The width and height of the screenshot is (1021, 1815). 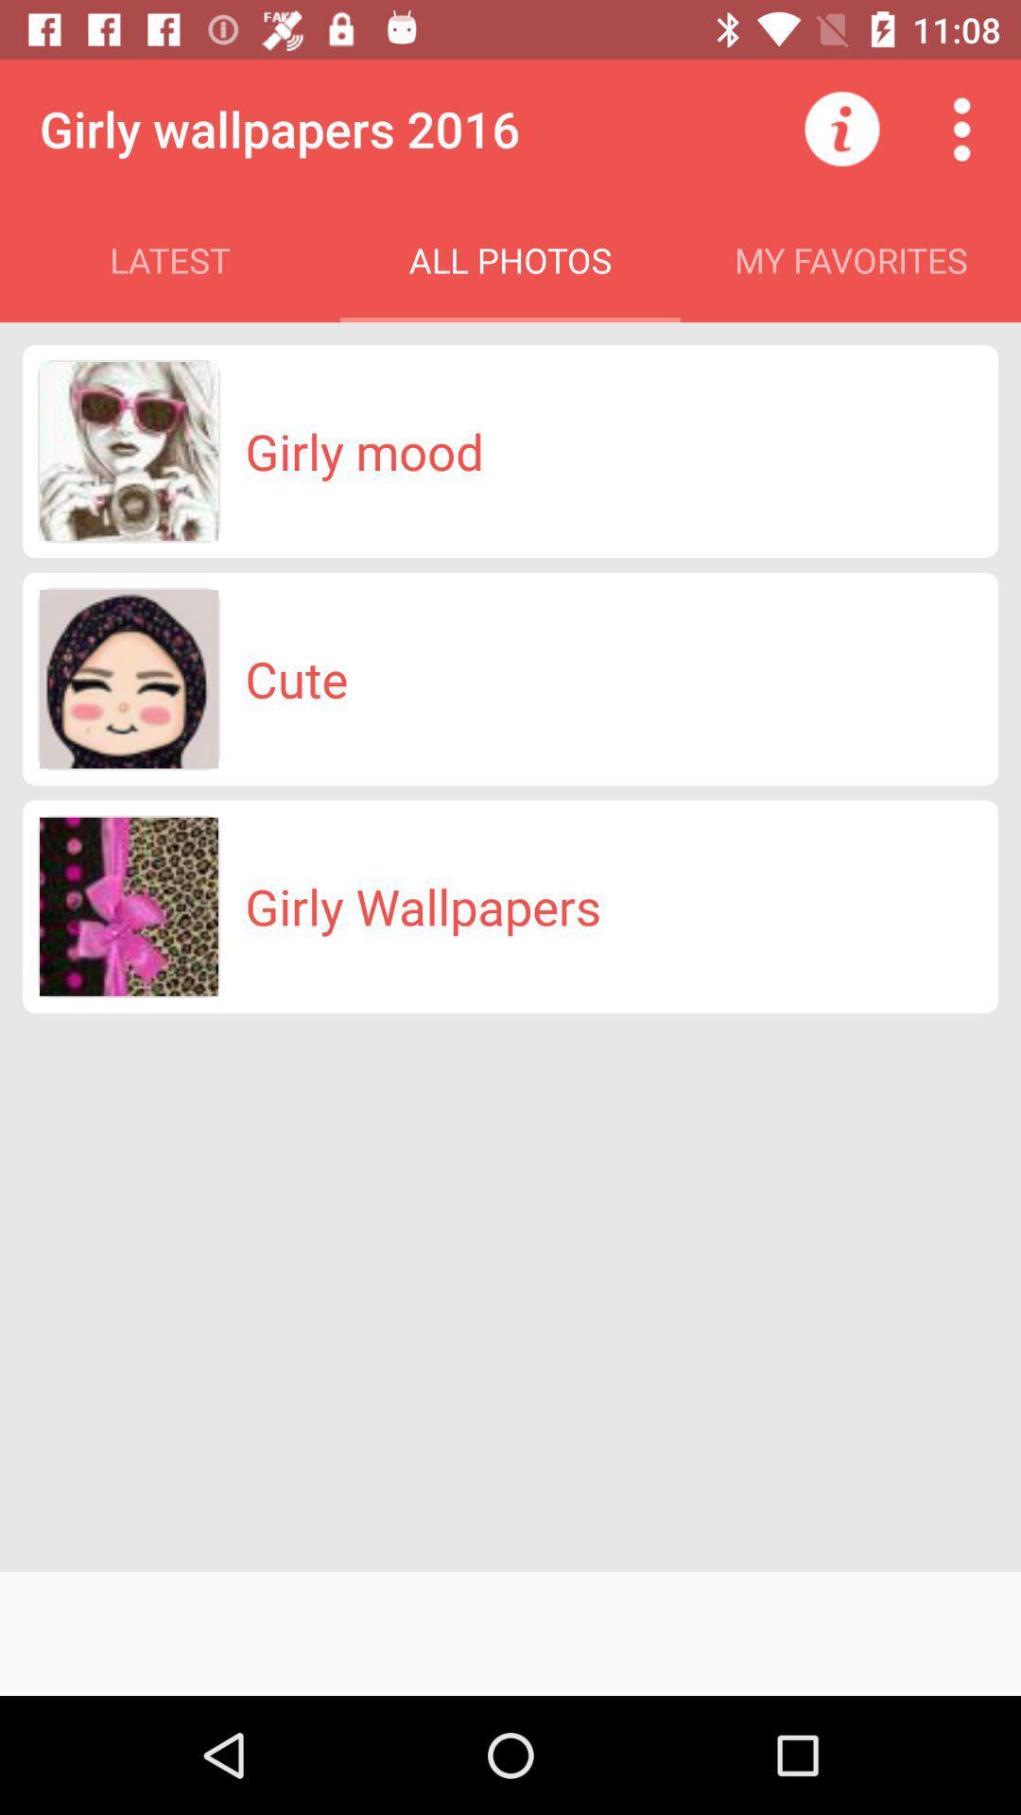 I want to click on the icon below the girly mood, so click(x=296, y=679).